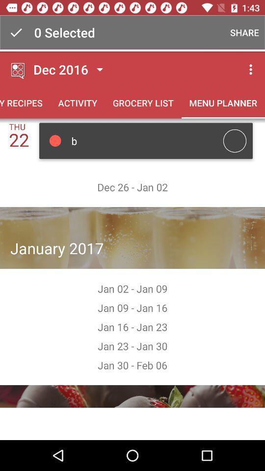 Image resolution: width=265 pixels, height=471 pixels. I want to click on share which is at top right corner of the page, so click(243, 32).